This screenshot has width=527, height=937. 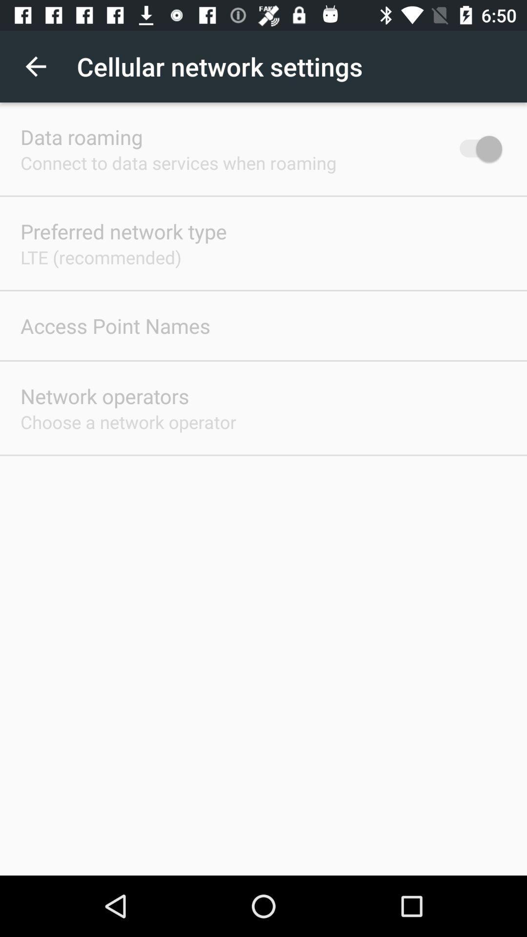 What do you see at coordinates (35, 66) in the screenshot?
I see `item above the data roaming item` at bounding box center [35, 66].